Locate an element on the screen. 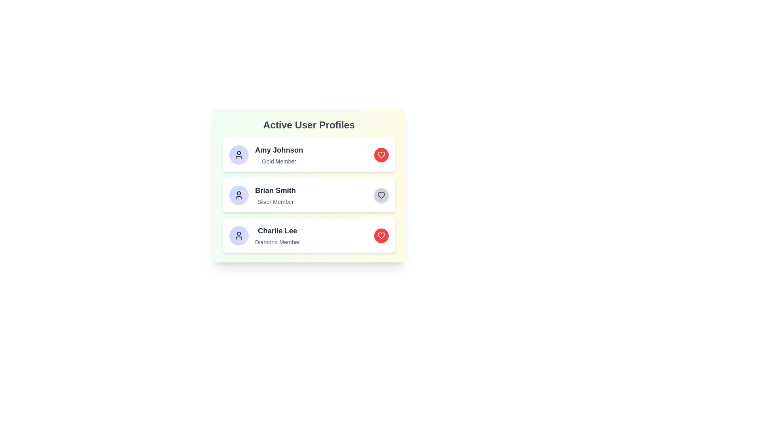  the red heart icon button, which is part of the list entry for 'Amy Johnson' is located at coordinates (381, 155).